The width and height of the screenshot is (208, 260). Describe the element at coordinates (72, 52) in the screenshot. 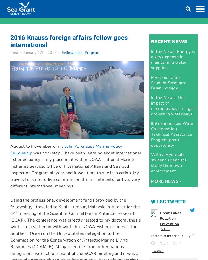

I see `'Fellowships'` at that location.